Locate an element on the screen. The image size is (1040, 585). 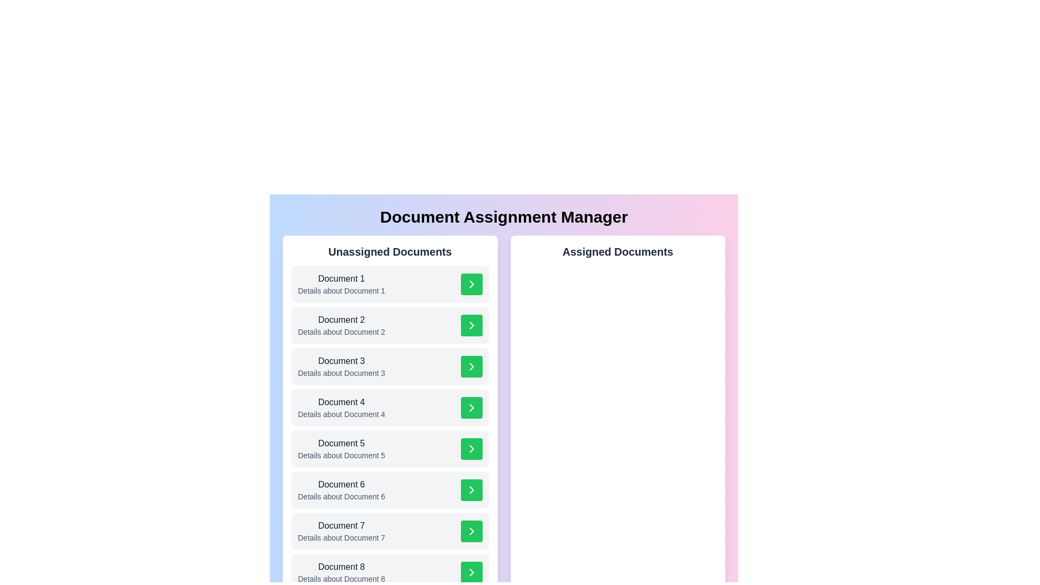
the text display area containing 'Document 3' and 'Details about Document 3' in the left panel of 'Unassigned Documents' under 'Document Assignment Manager' is located at coordinates (341, 366).